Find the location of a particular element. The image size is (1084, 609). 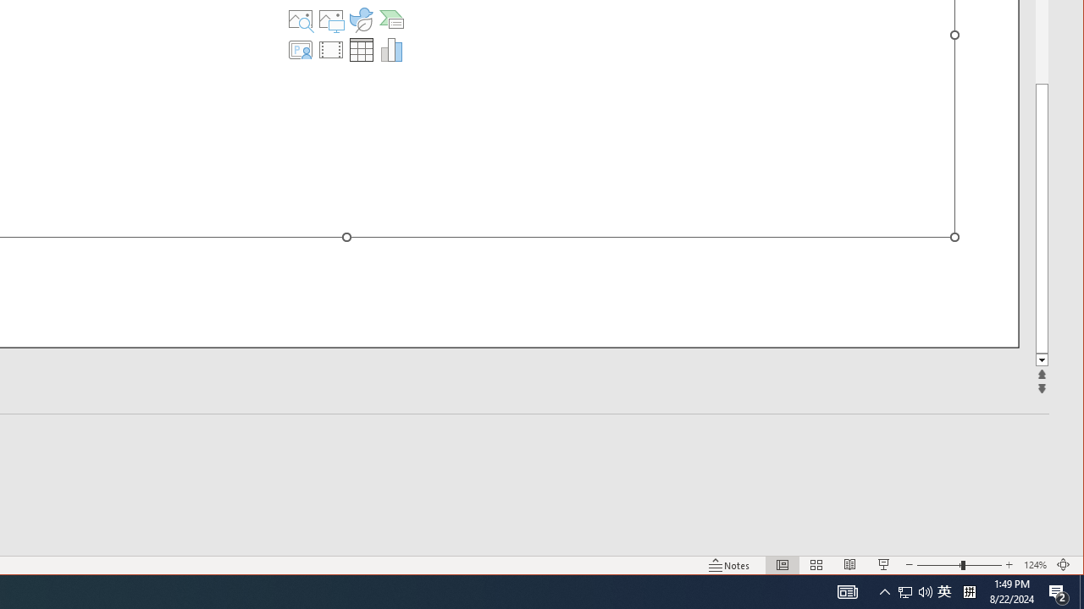

'Insert a SmartArt Graphic' is located at coordinates (390, 19).